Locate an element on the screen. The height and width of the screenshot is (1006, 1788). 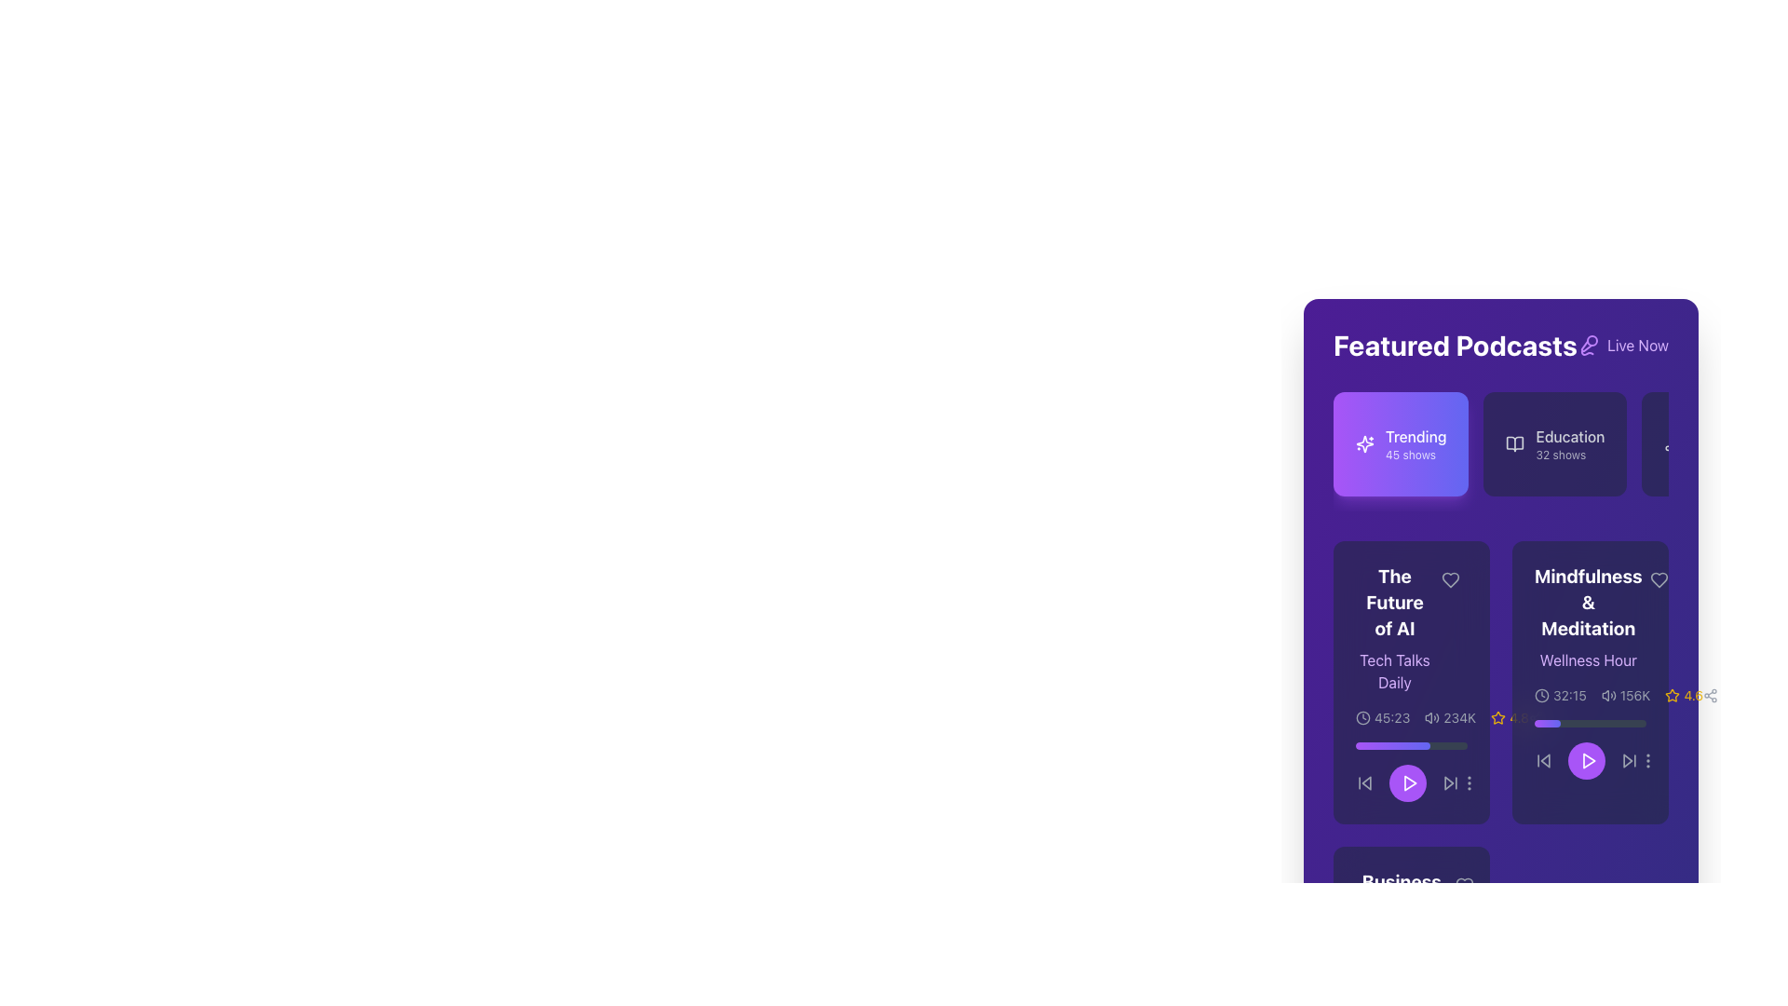
the text label displaying the numerical value of plays or listeners for the podcast 'The Future of AI' located under the 'Trending' section, adjacent to a speaker icon is located at coordinates (1449, 717).